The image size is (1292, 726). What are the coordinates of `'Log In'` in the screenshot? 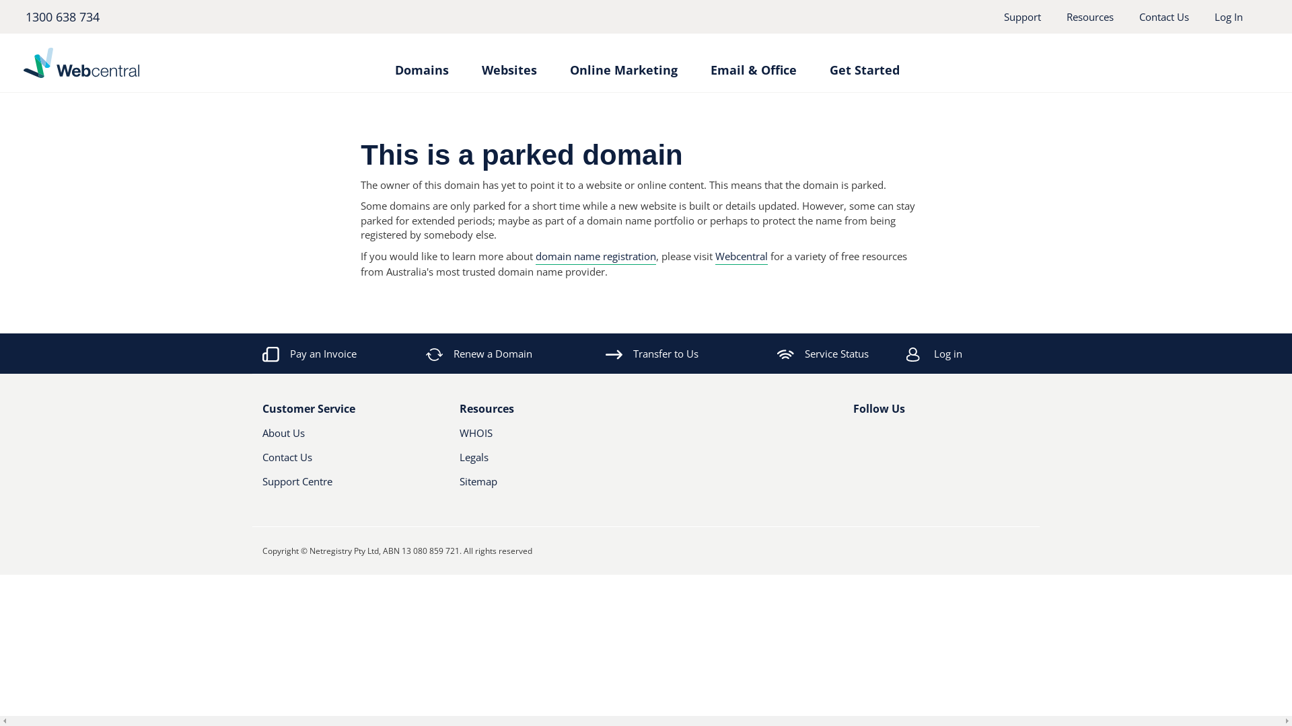 It's located at (1214, 16).